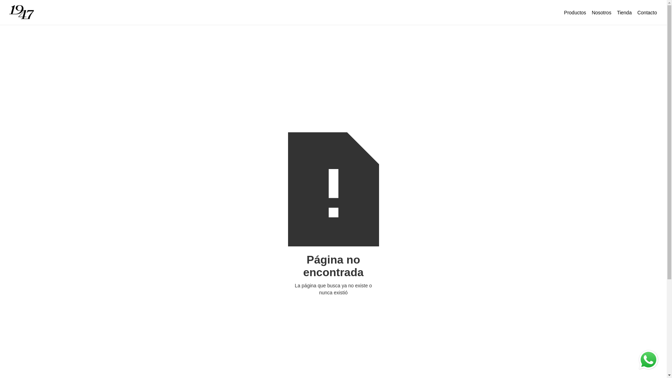  Describe the element at coordinates (575, 12) in the screenshot. I see `'Productos'` at that location.